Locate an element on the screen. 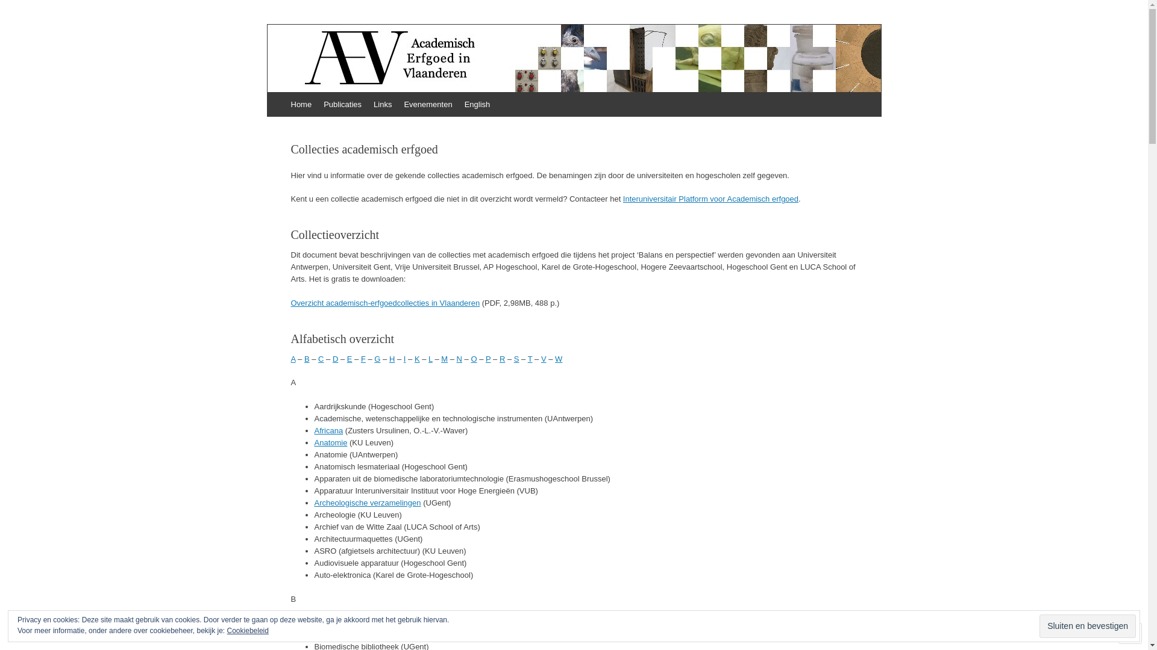  'A' is located at coordinates (292, 357).